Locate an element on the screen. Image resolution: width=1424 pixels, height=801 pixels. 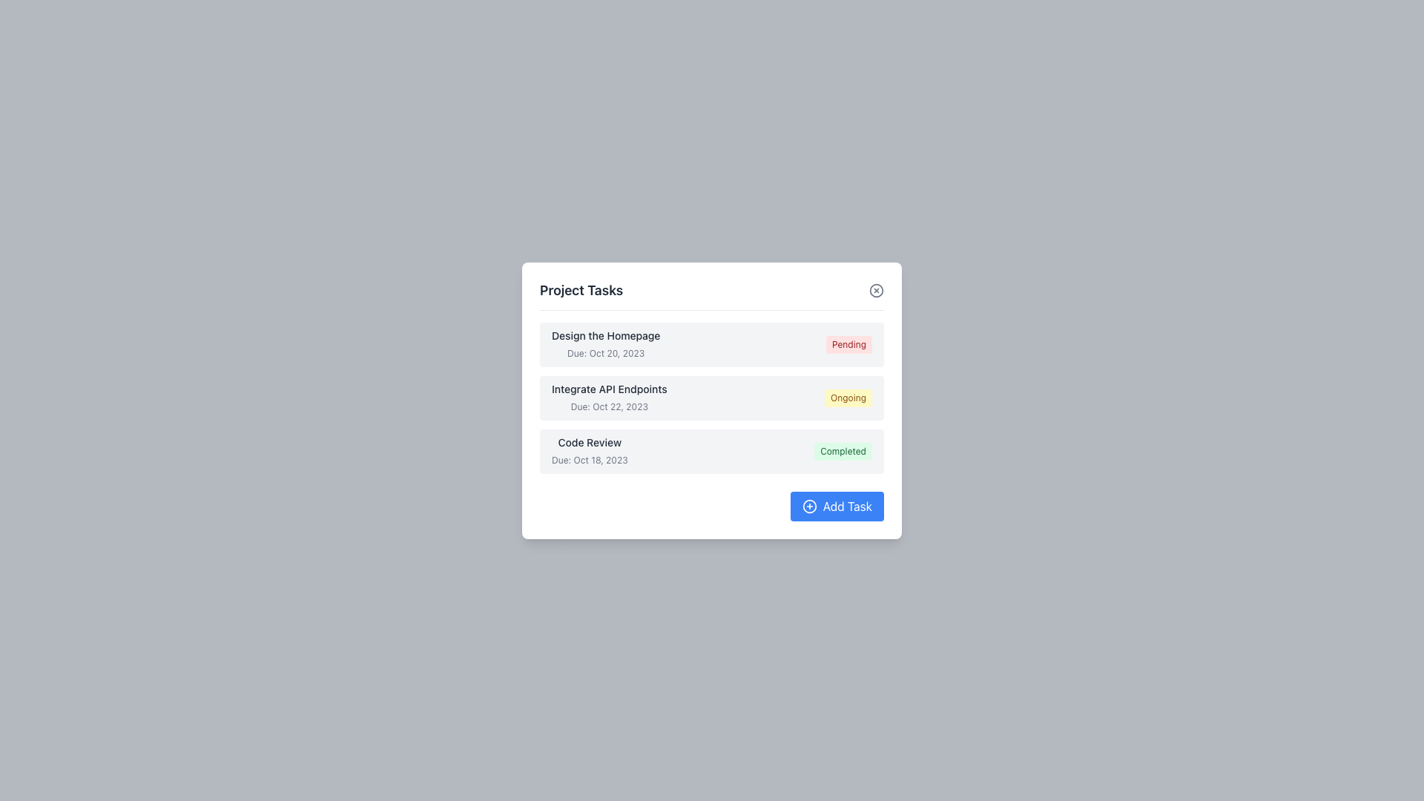
the 'X' icon button in the top-right corner of the 'Project Tasks' header is located at coordinates (876, 290).